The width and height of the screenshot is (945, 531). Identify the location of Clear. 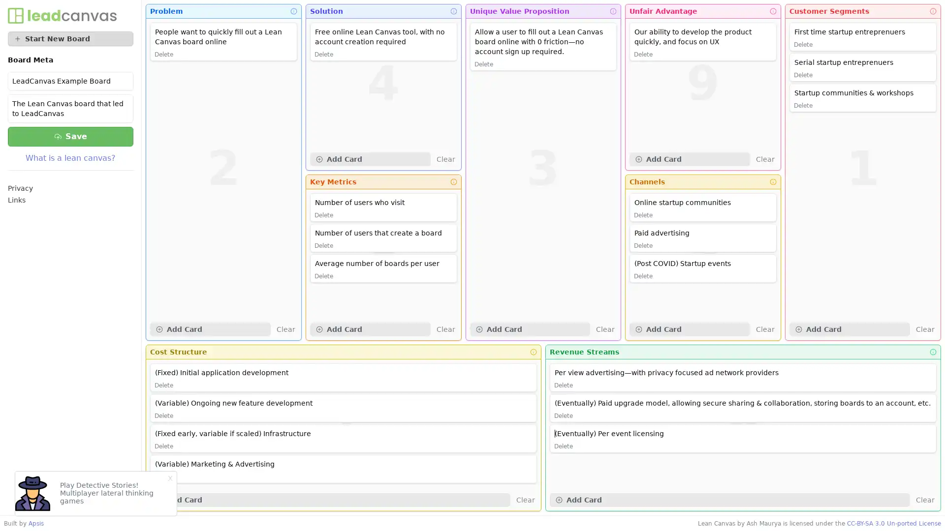
(765, 158).